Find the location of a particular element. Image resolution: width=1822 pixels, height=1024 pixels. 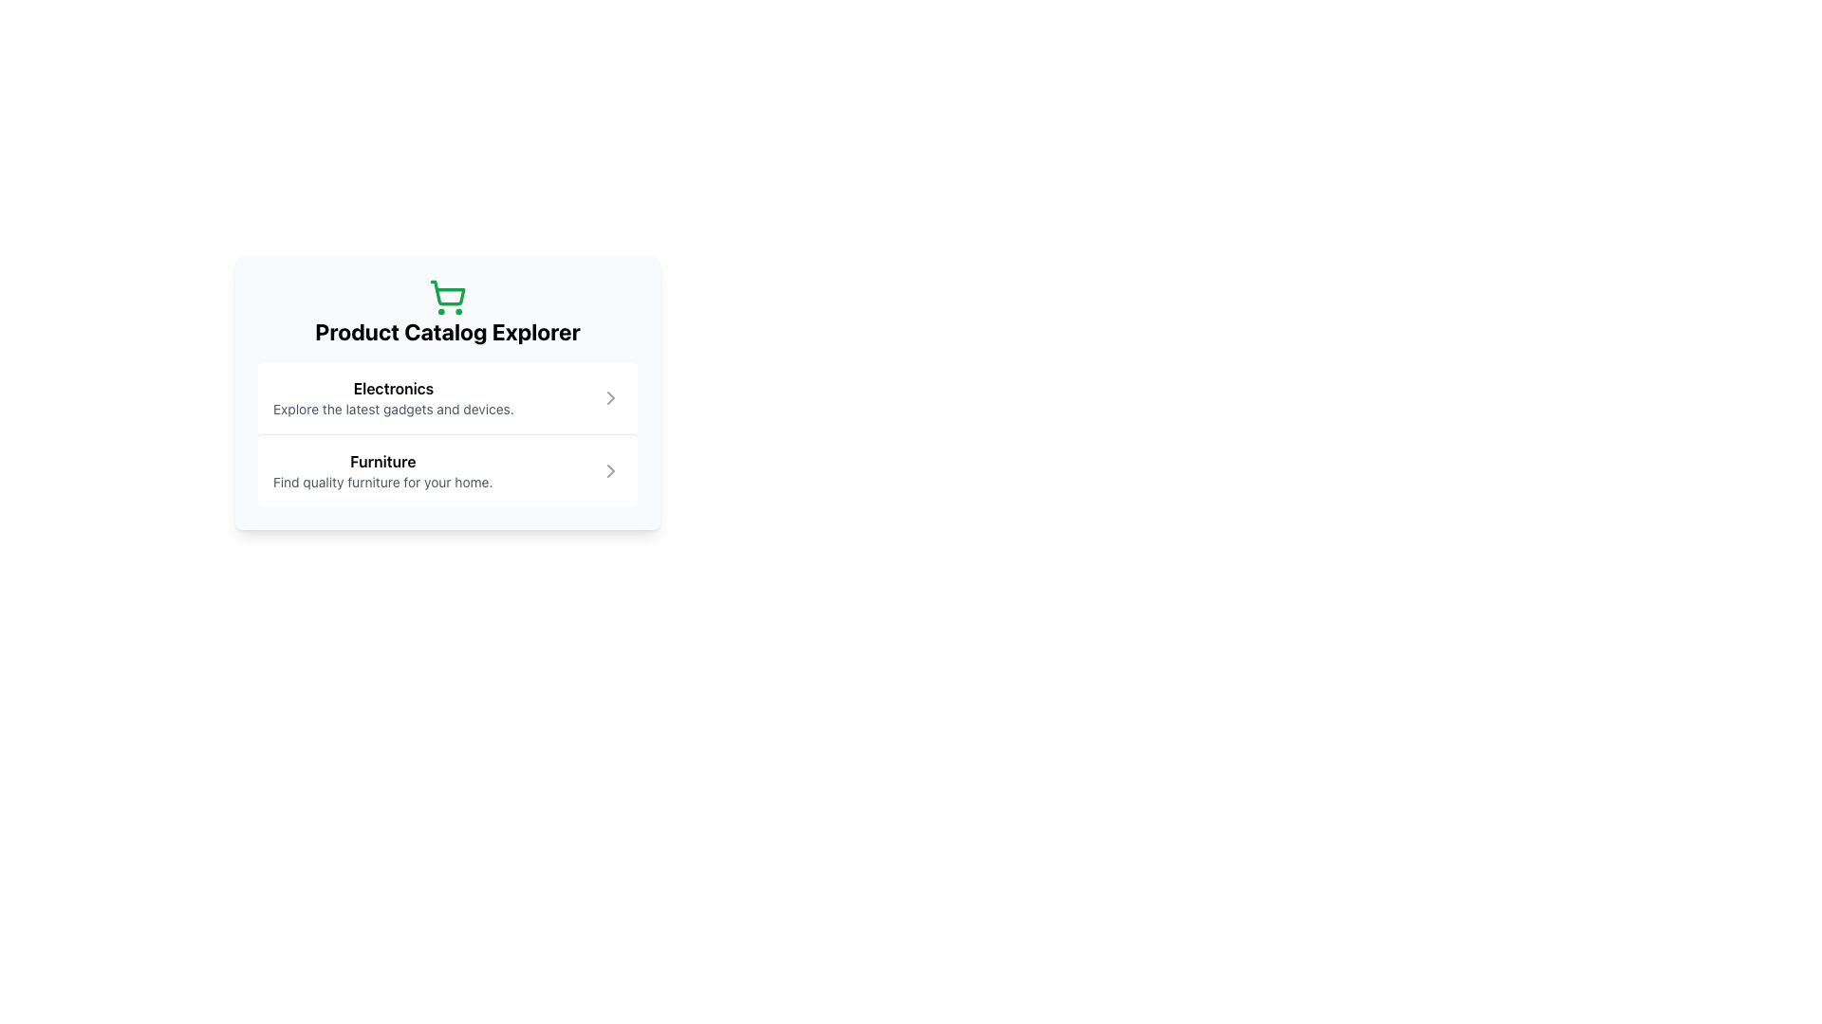

the second selectable list item in the 'Product Catalog Explorer' is located at coordinates (446, 469).